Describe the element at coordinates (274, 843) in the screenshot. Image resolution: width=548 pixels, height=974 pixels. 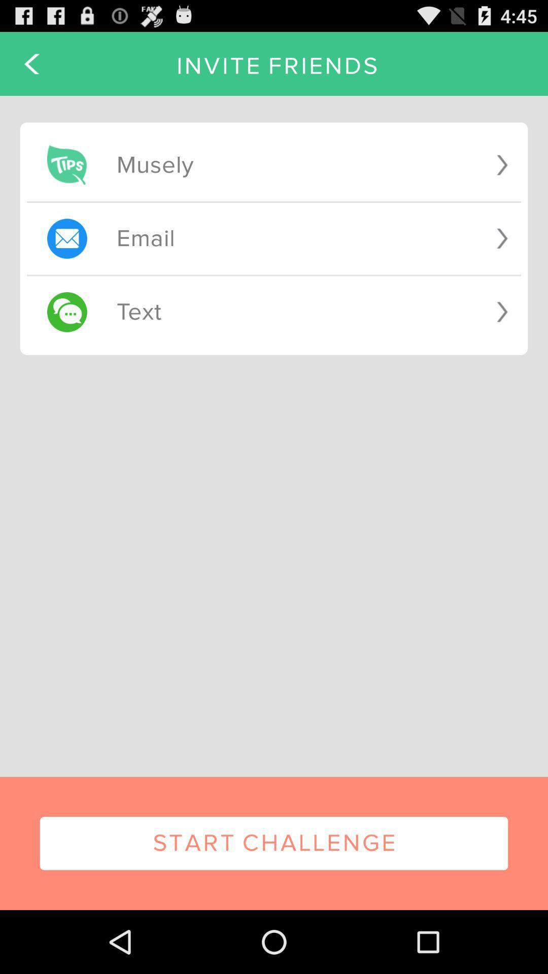
I see `the start challenge item` at that location.